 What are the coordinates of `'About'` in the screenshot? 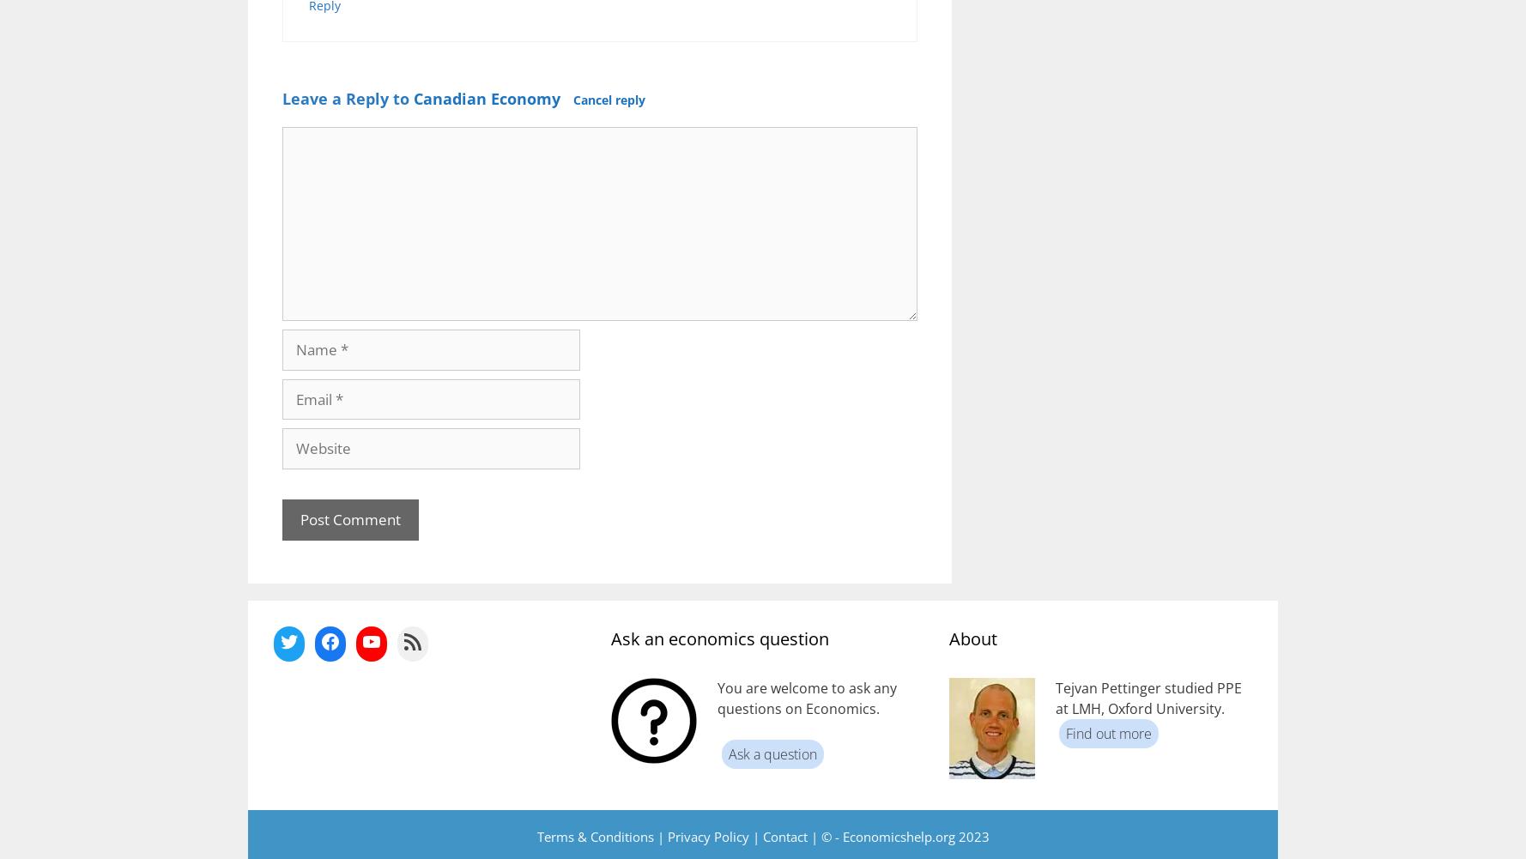 It's located at (971, 638).